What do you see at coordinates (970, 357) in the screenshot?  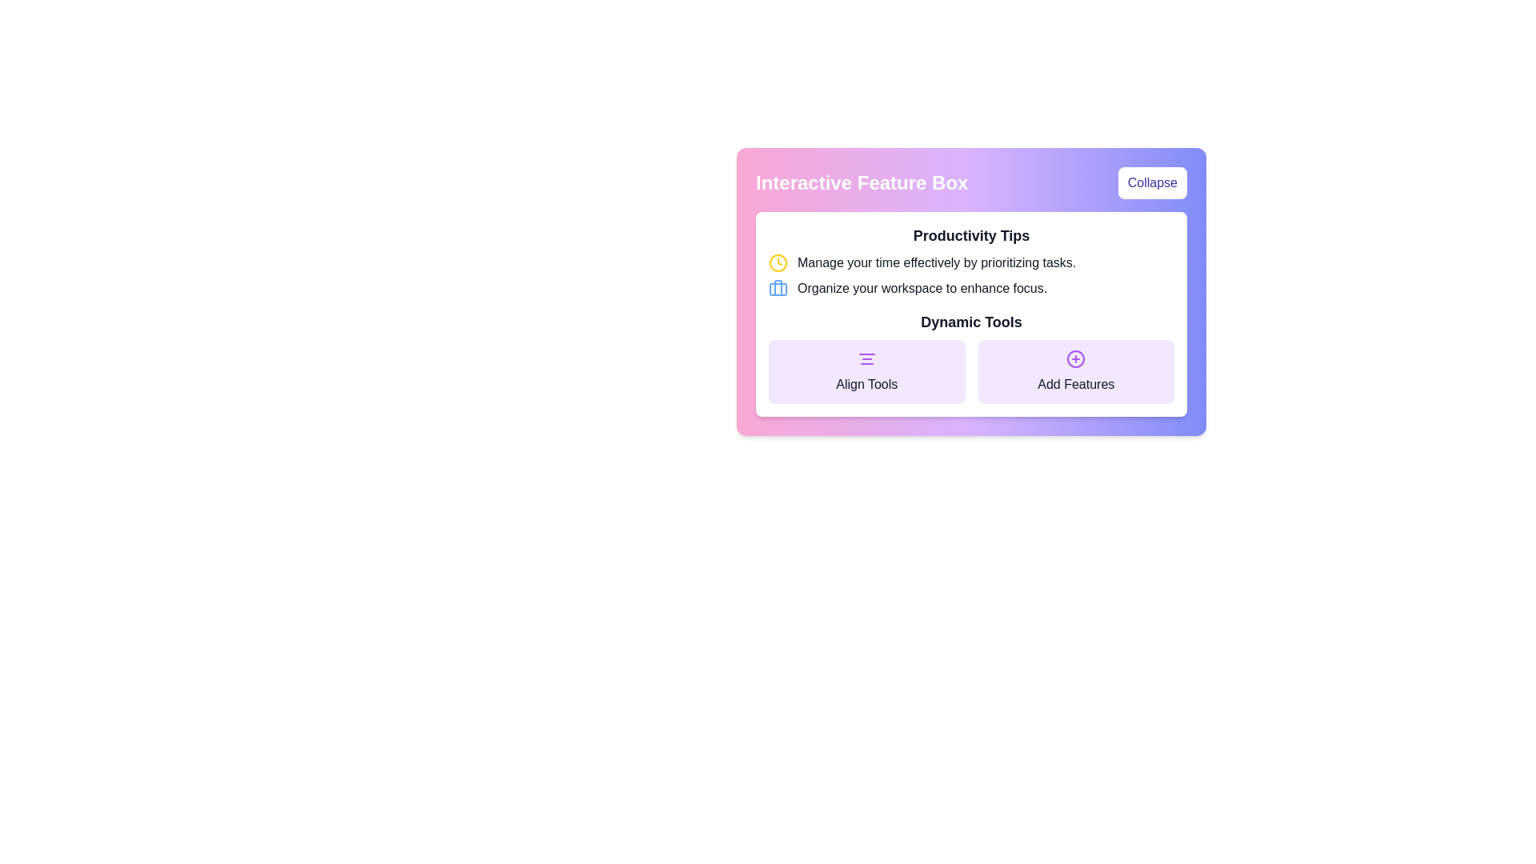 I see `the 'Align Tools' button located in the 'Dynamic Tools' section beneath 'Productivity Tips' to proceed with alignment tools` at bounding box center [970, 357].